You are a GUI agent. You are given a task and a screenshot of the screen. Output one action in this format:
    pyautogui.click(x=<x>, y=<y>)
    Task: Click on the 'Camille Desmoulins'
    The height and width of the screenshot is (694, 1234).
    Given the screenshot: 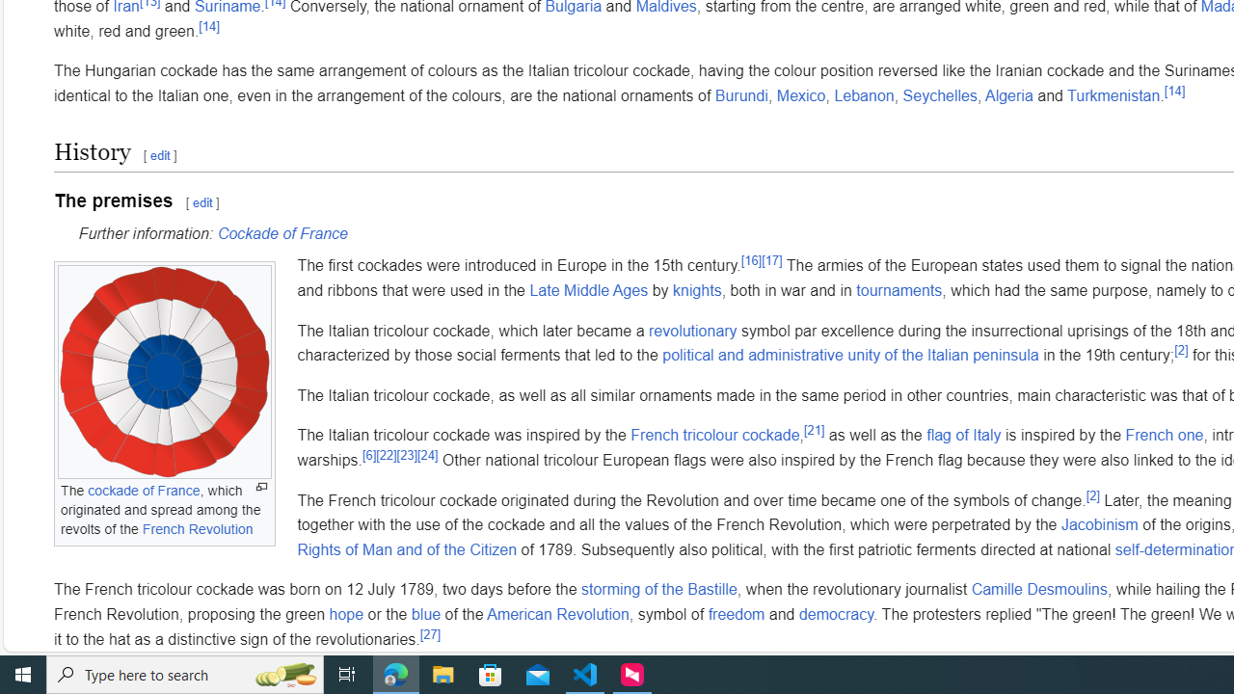 What is the action you would take?
    pyautogui.click(x=1038, y=589)
    